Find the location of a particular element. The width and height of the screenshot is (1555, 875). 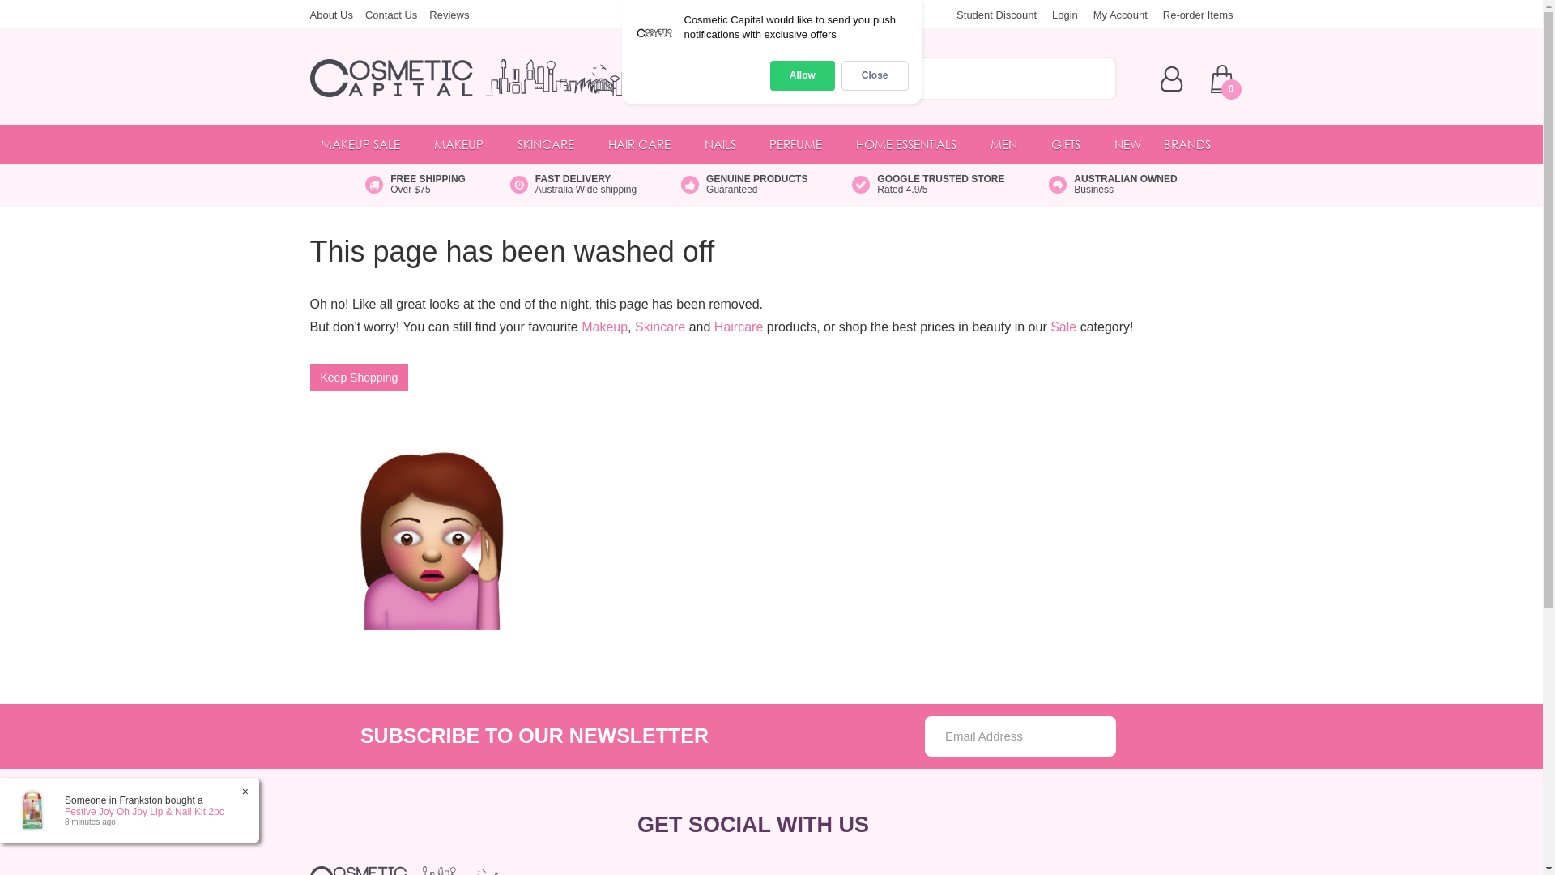

'MEN' is located at coordinates (1008, 143).